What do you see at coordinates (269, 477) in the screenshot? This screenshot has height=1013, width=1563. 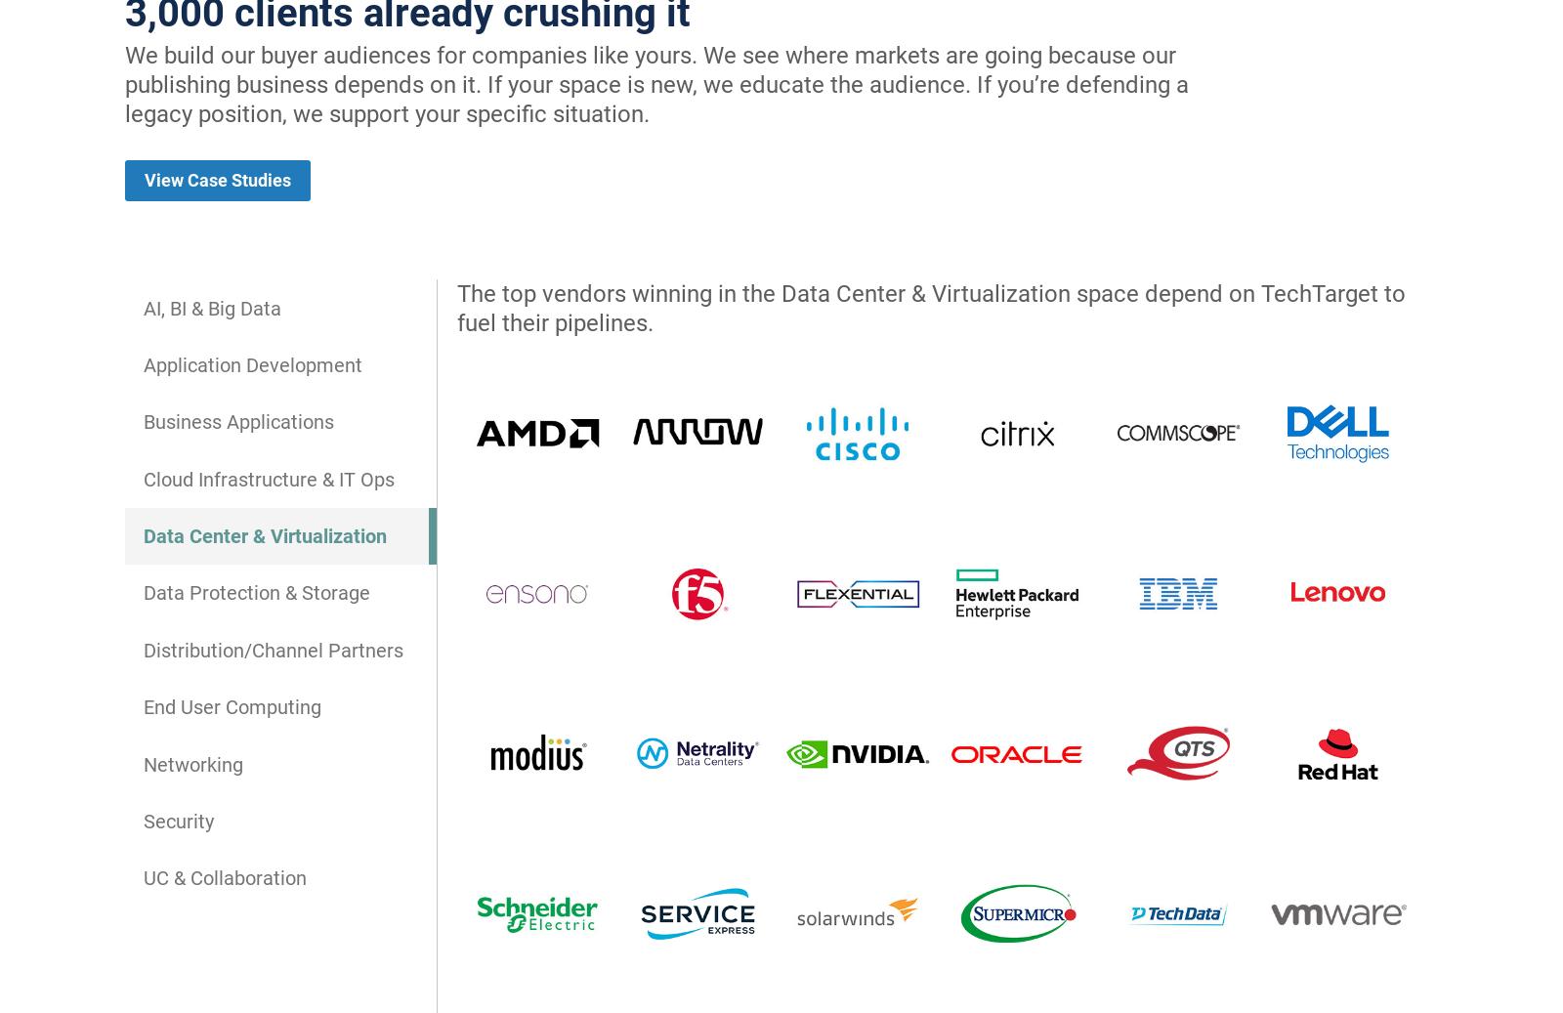 I see `'Cloud Infrastructure & IT Ops'` at bounding box center [269, 477].